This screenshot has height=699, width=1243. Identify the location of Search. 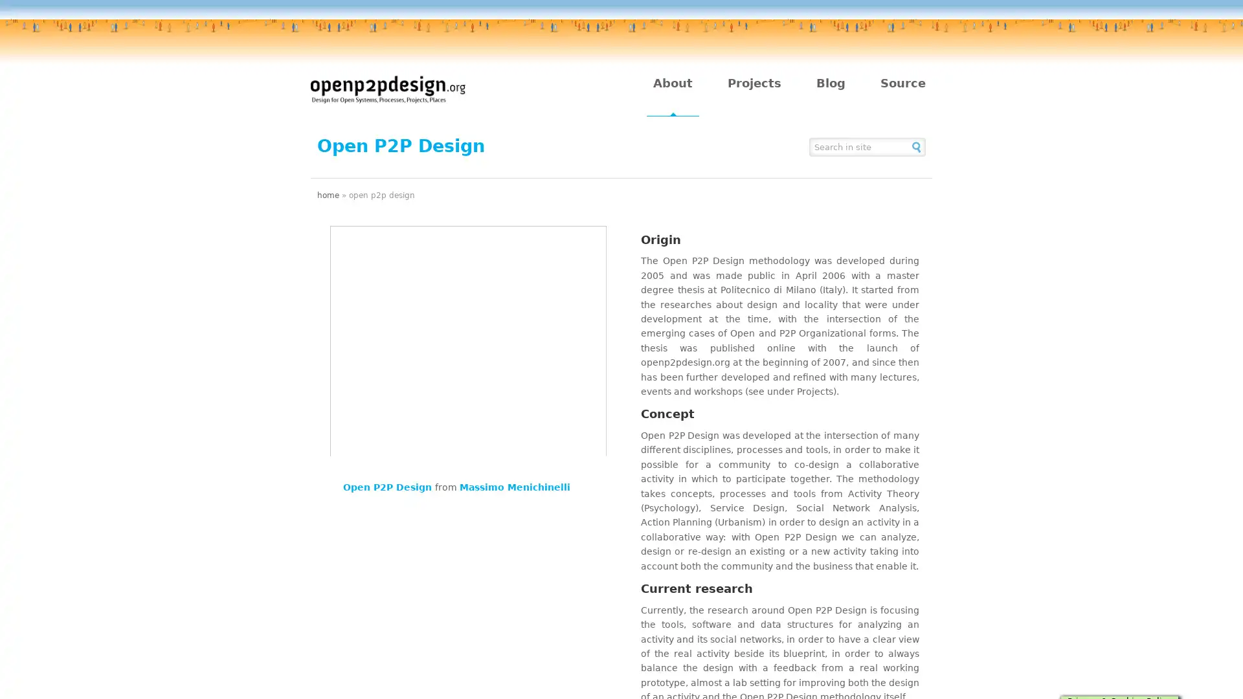
(916, 146).